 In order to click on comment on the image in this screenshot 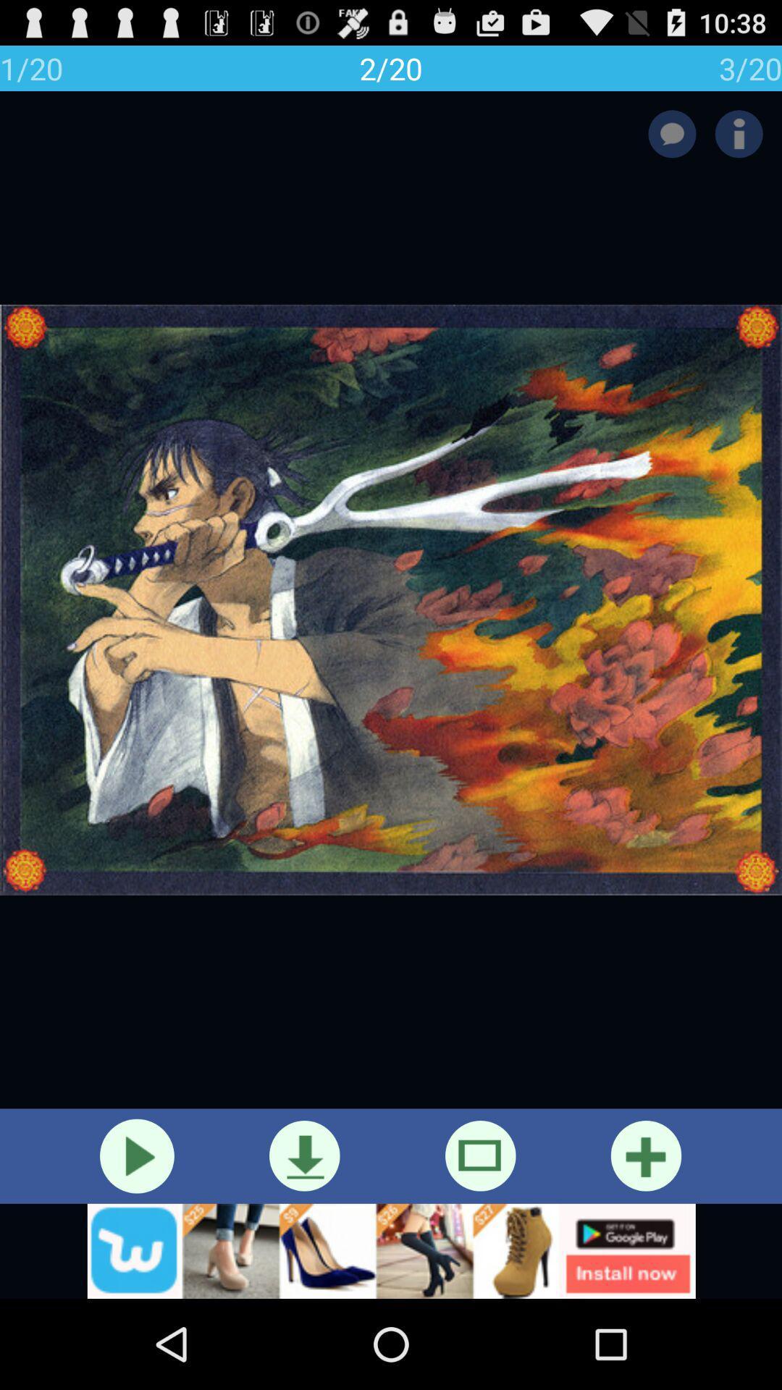, I will do `click(672, 134)`.